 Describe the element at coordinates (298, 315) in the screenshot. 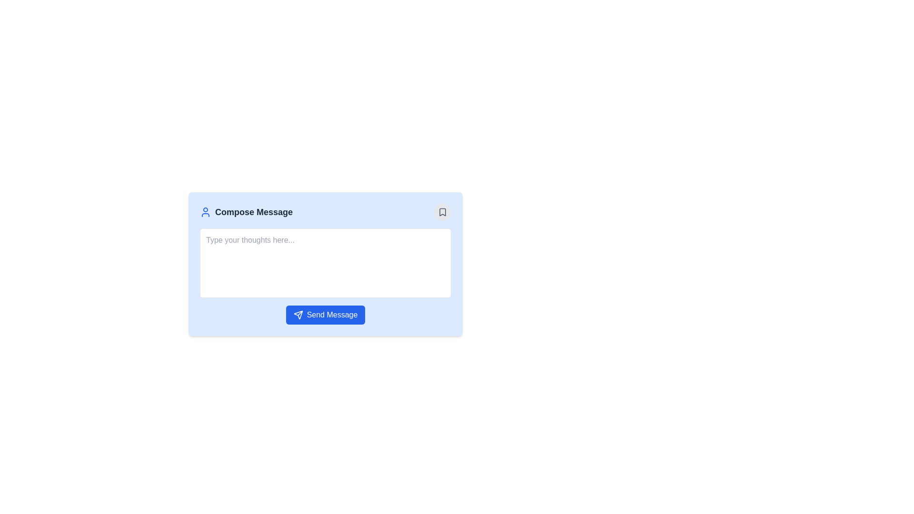

I see `the send icon located within the blue 'Send Message' button, which is positioned to the left of the text within the button` at that location.